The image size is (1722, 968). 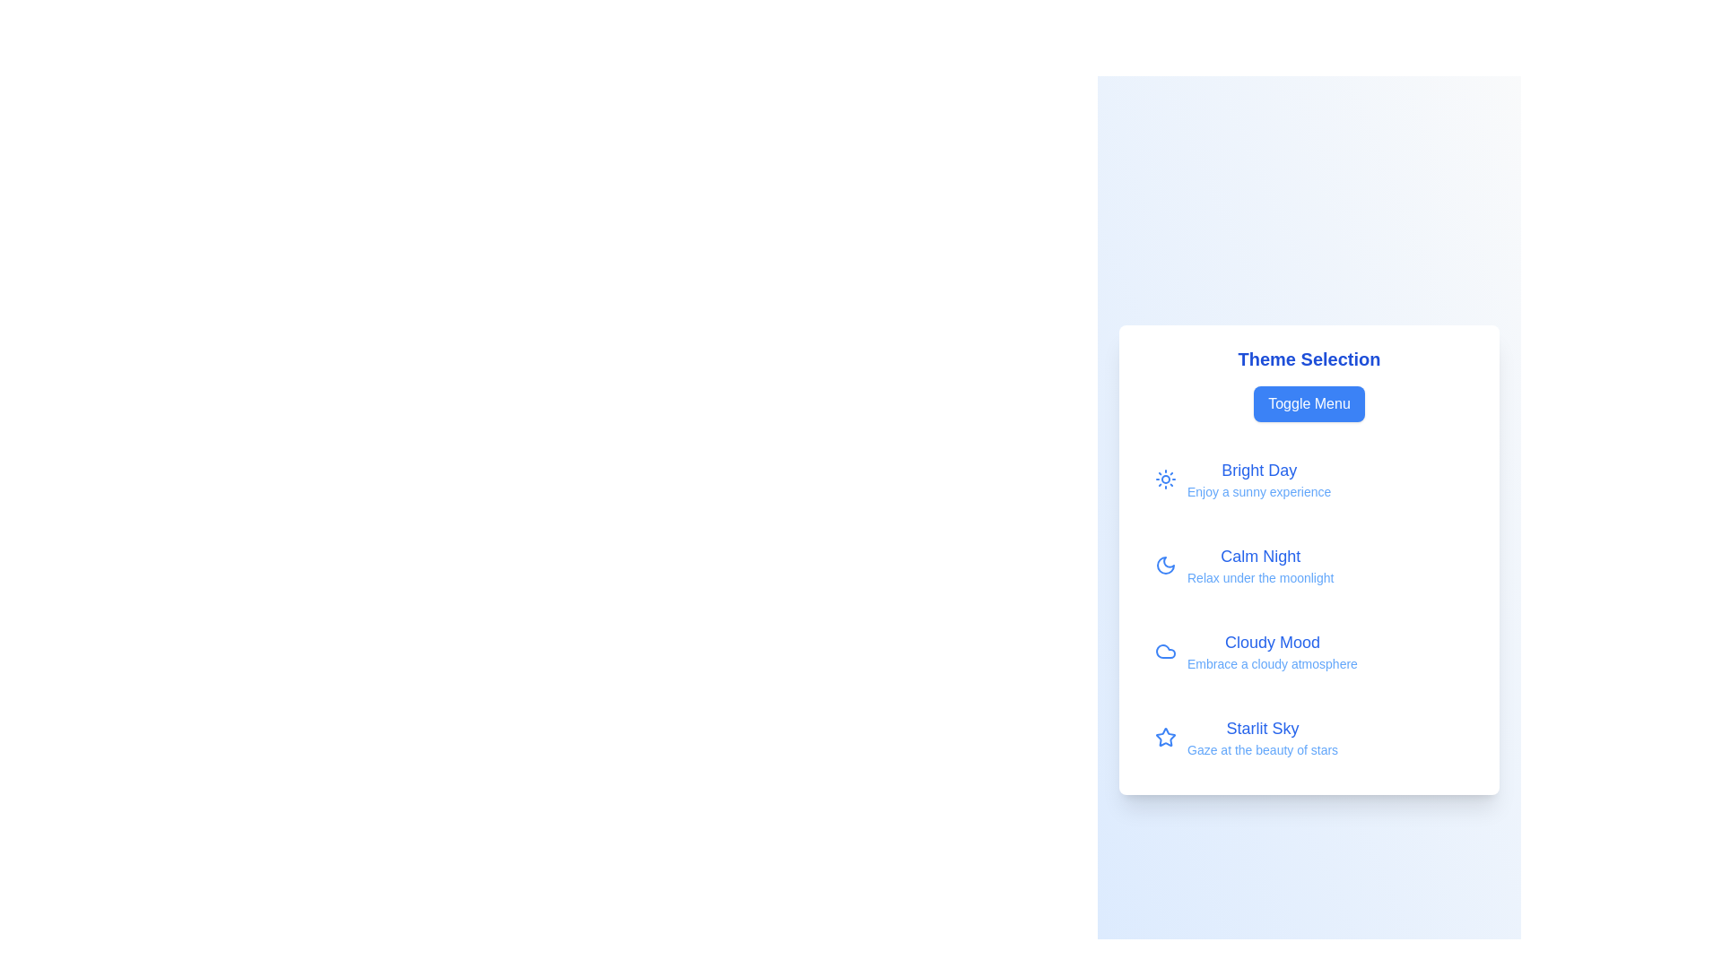 What do you see at coordinates (1309, 566) in the screenshot?
I see `the theme Calm Night from the menu` at bounding box center [1309, 566].